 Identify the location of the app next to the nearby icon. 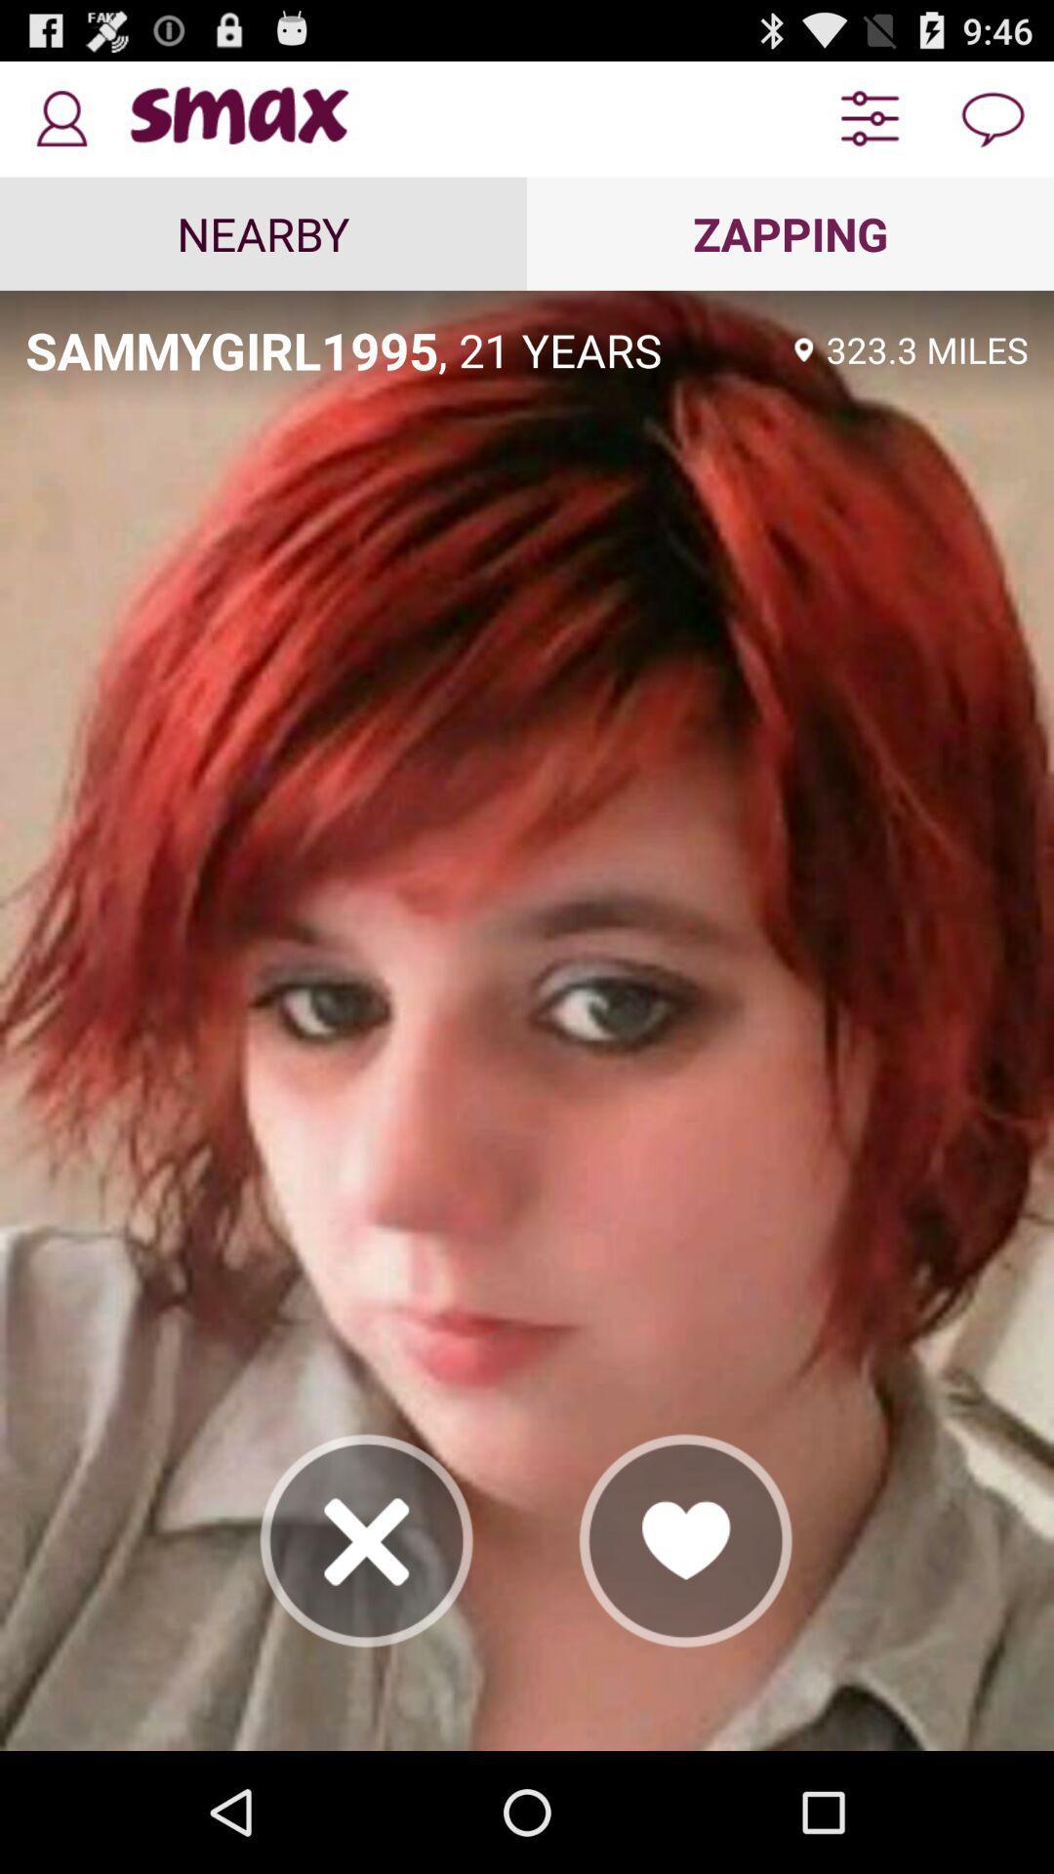
(790, 233).